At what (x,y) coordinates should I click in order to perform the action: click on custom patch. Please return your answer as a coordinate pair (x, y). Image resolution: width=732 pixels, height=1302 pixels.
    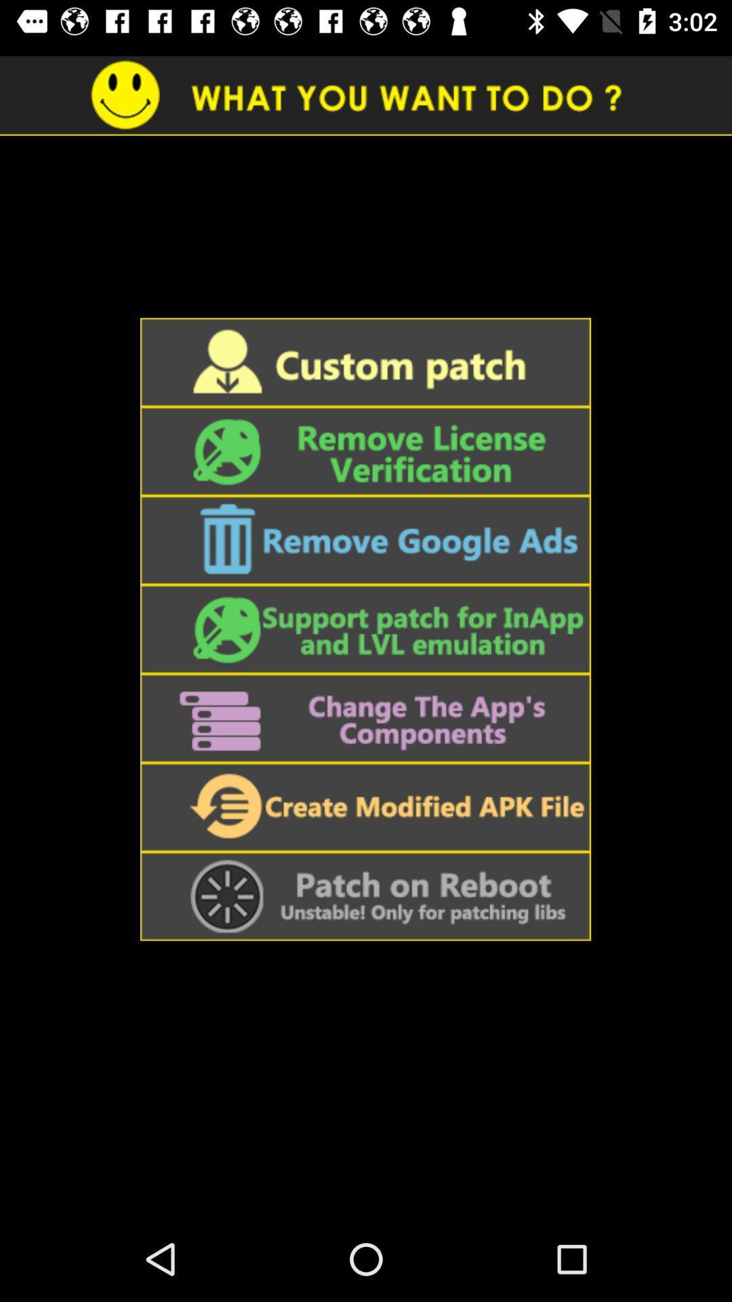
    Looking at the image, I should click on (365, 362).